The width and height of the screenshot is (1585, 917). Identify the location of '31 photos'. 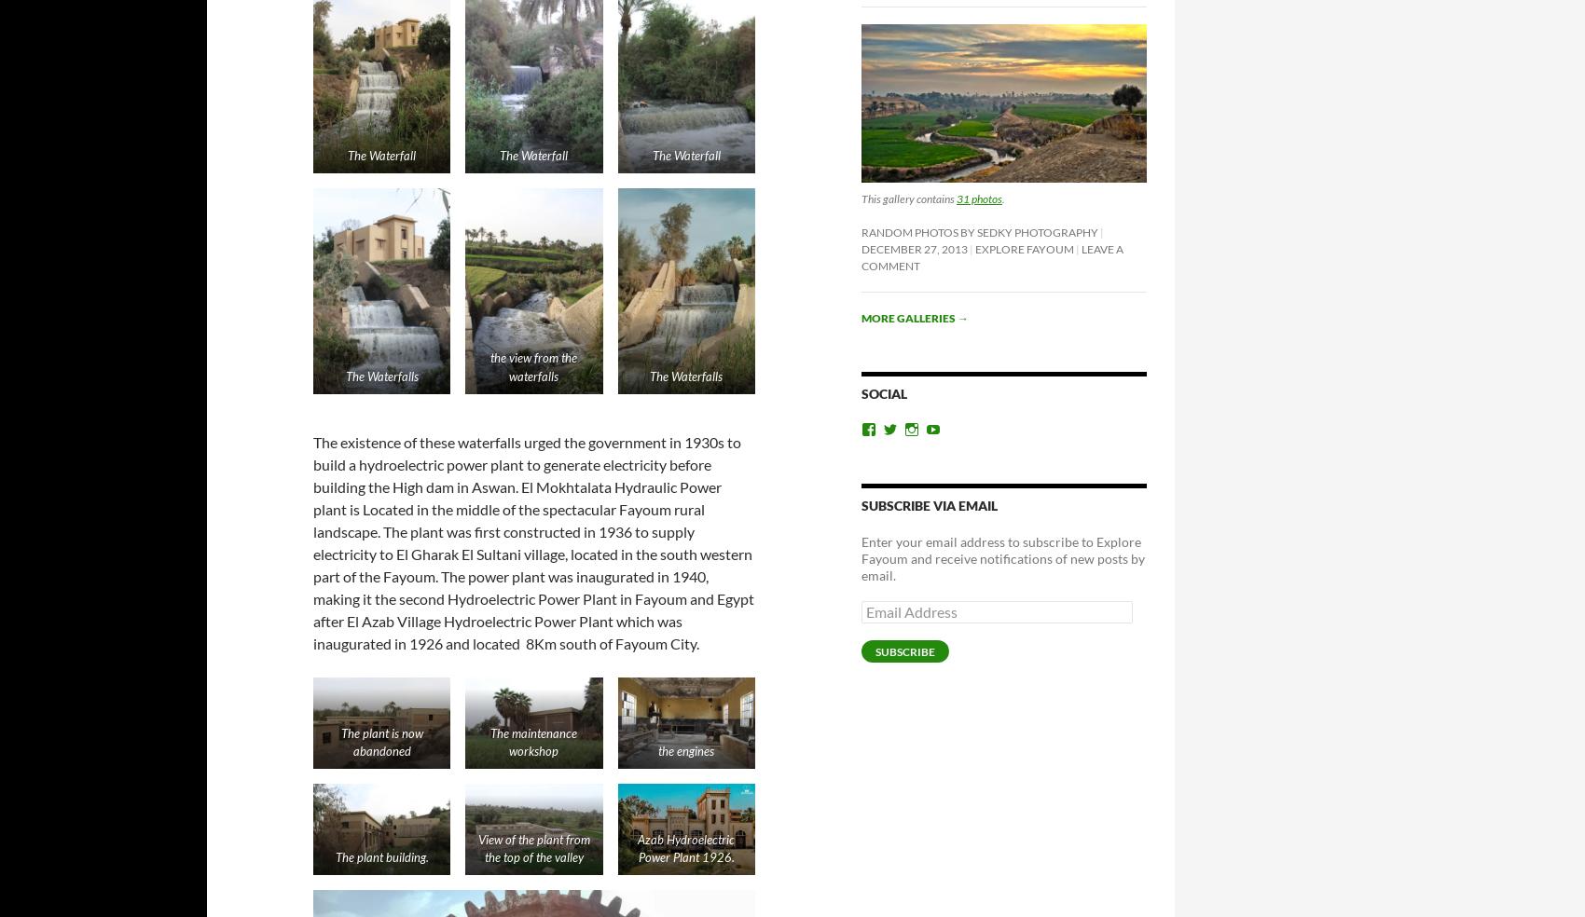
(978, 198).